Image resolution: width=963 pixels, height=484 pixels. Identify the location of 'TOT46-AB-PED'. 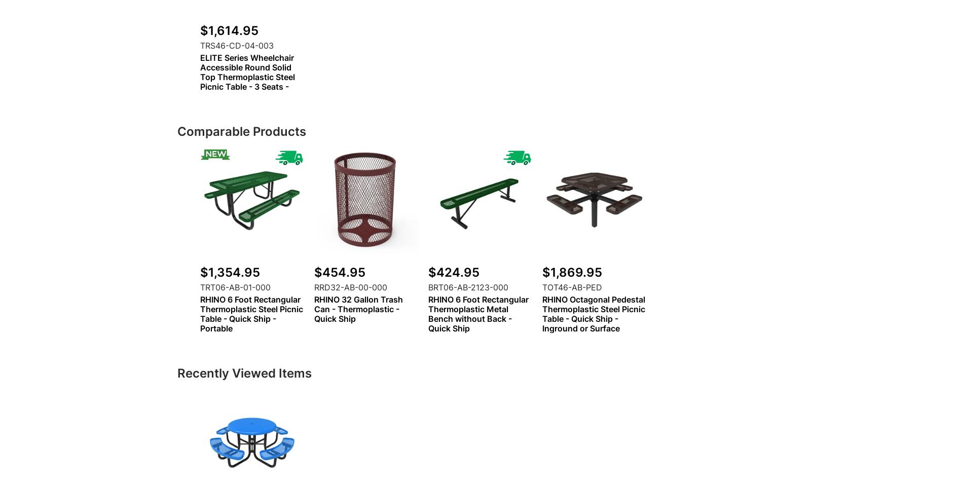
(572, 287).